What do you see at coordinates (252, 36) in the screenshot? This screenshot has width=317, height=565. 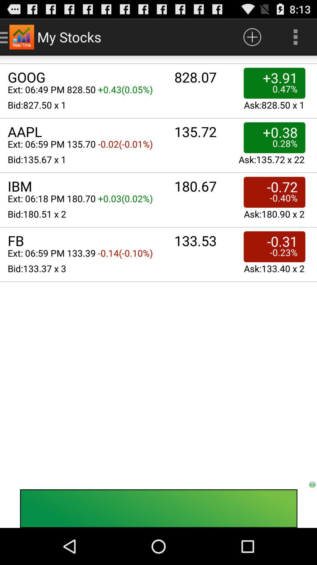 I see `item next to the my stocks item` at bounding box center [252, 36].